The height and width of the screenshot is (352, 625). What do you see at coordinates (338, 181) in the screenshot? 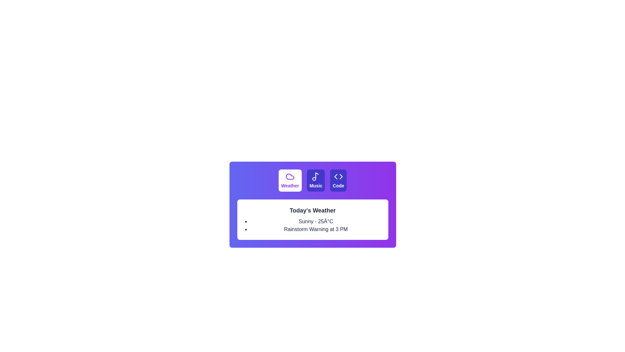
I see `the purple button labeled 'Code' with a coding icon above it to trigger the styling effect` at bounding box center [338, 181].